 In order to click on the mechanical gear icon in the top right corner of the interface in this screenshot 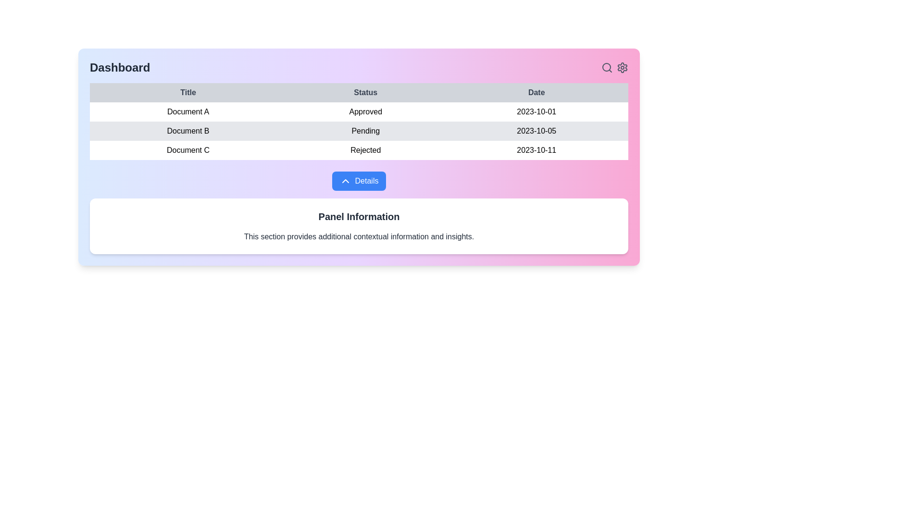, I will do `click(623, 67)`.